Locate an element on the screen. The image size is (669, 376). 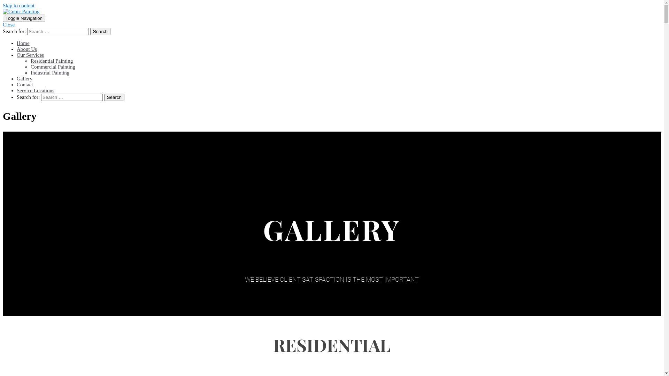
'Industrial Painting' is located at coordinates (49, 72).